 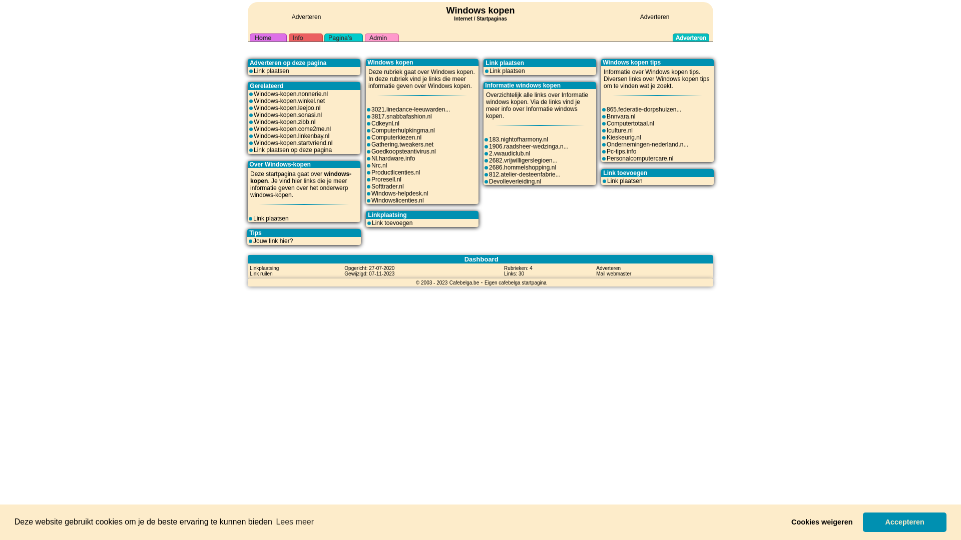 I want to click on 'Ondernemingen-nederland.n...', so click(x=647, y=144).